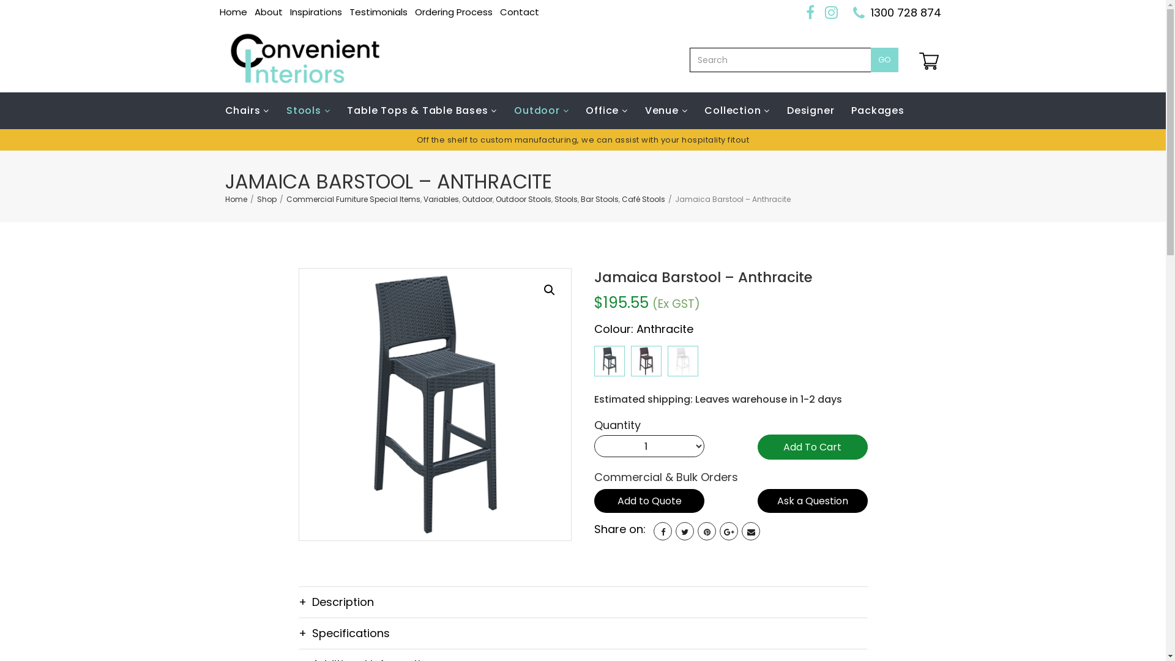 The width and height of the screenshot is (1175, 661). What do you see at coordinates (682, 360) in the screenshot?
I see `'Jamaica Barstool - White'` at bounding box center [682, 360].